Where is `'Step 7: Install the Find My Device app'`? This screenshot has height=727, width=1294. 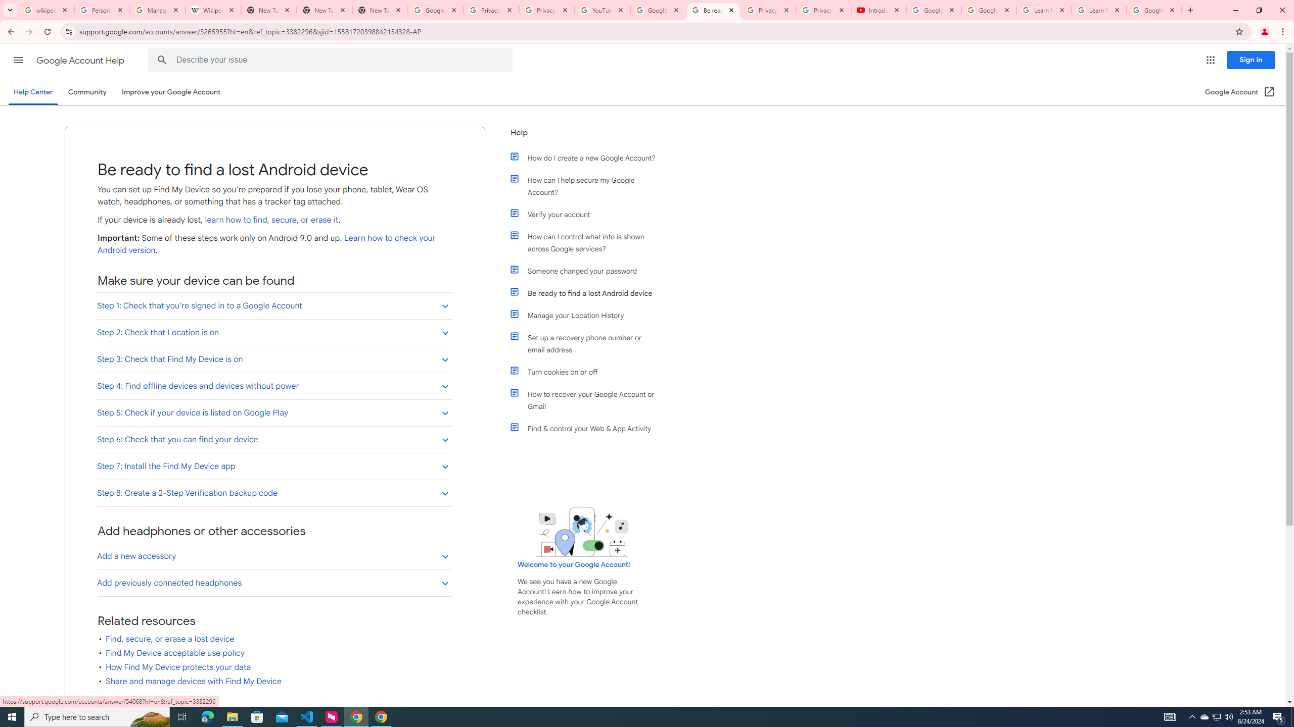
'Step 7: Install the Find My Device app' is located at coordinates (274, 465).